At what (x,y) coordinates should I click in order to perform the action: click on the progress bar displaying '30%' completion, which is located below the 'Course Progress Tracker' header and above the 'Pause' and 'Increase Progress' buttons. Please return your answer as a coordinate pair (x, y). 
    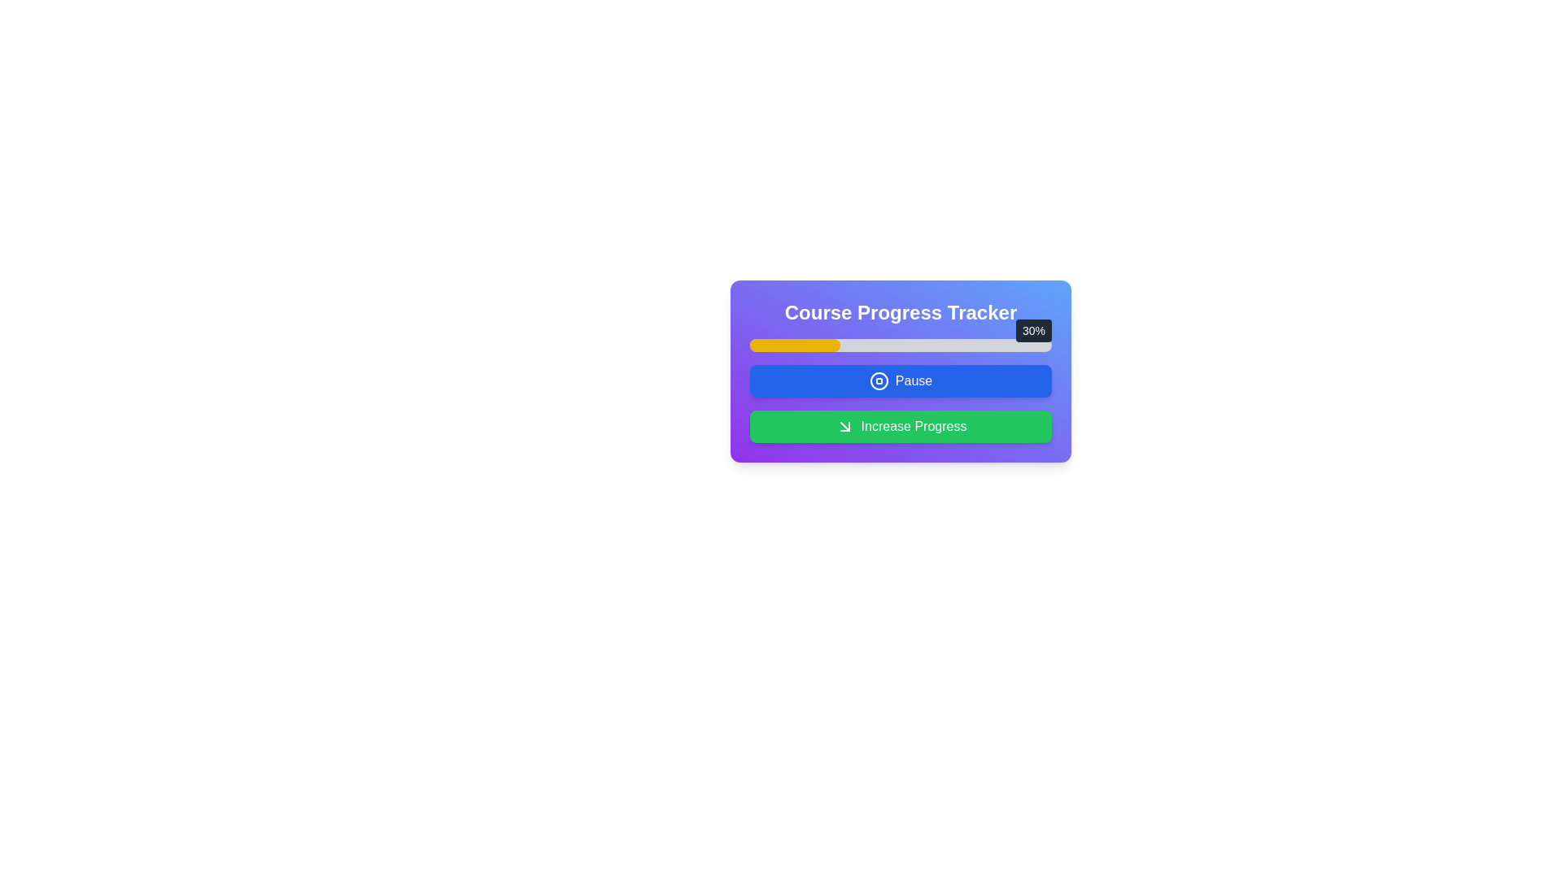
    Looking at the image, I should click on (900, 344).